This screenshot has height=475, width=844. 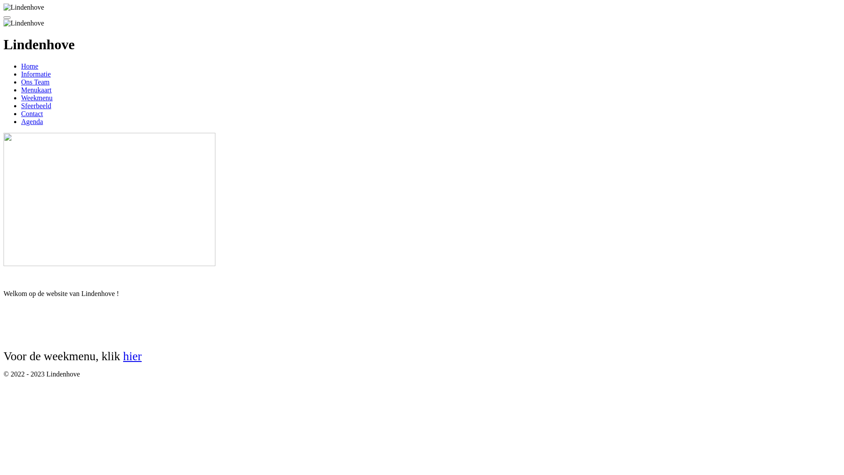 I want to click on 'Ons Team', so click(x=35, y=82).